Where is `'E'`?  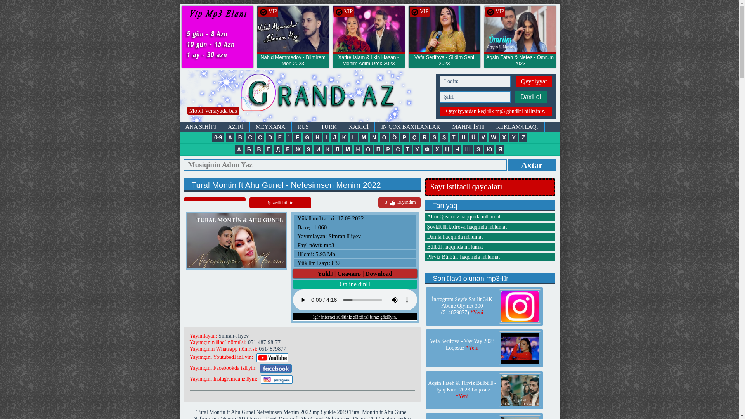
'E' is located at coordinates (279, 137).